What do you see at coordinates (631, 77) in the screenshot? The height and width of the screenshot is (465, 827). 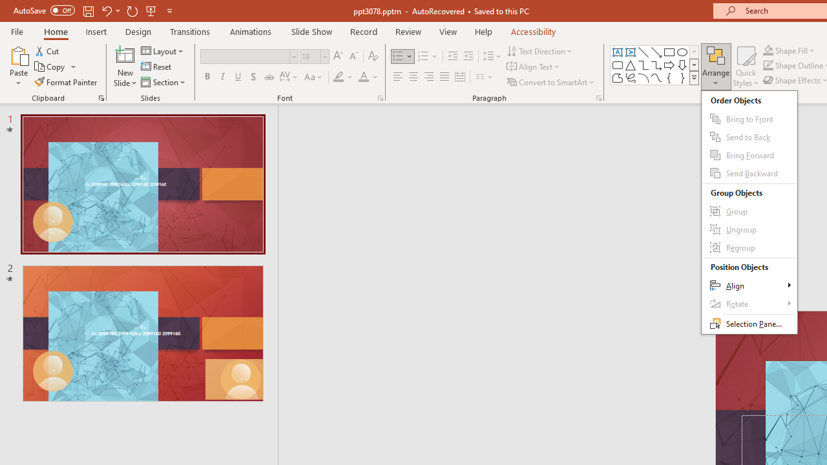 I see `'Freeform: Scribble'` at bounding box center [631, 77].